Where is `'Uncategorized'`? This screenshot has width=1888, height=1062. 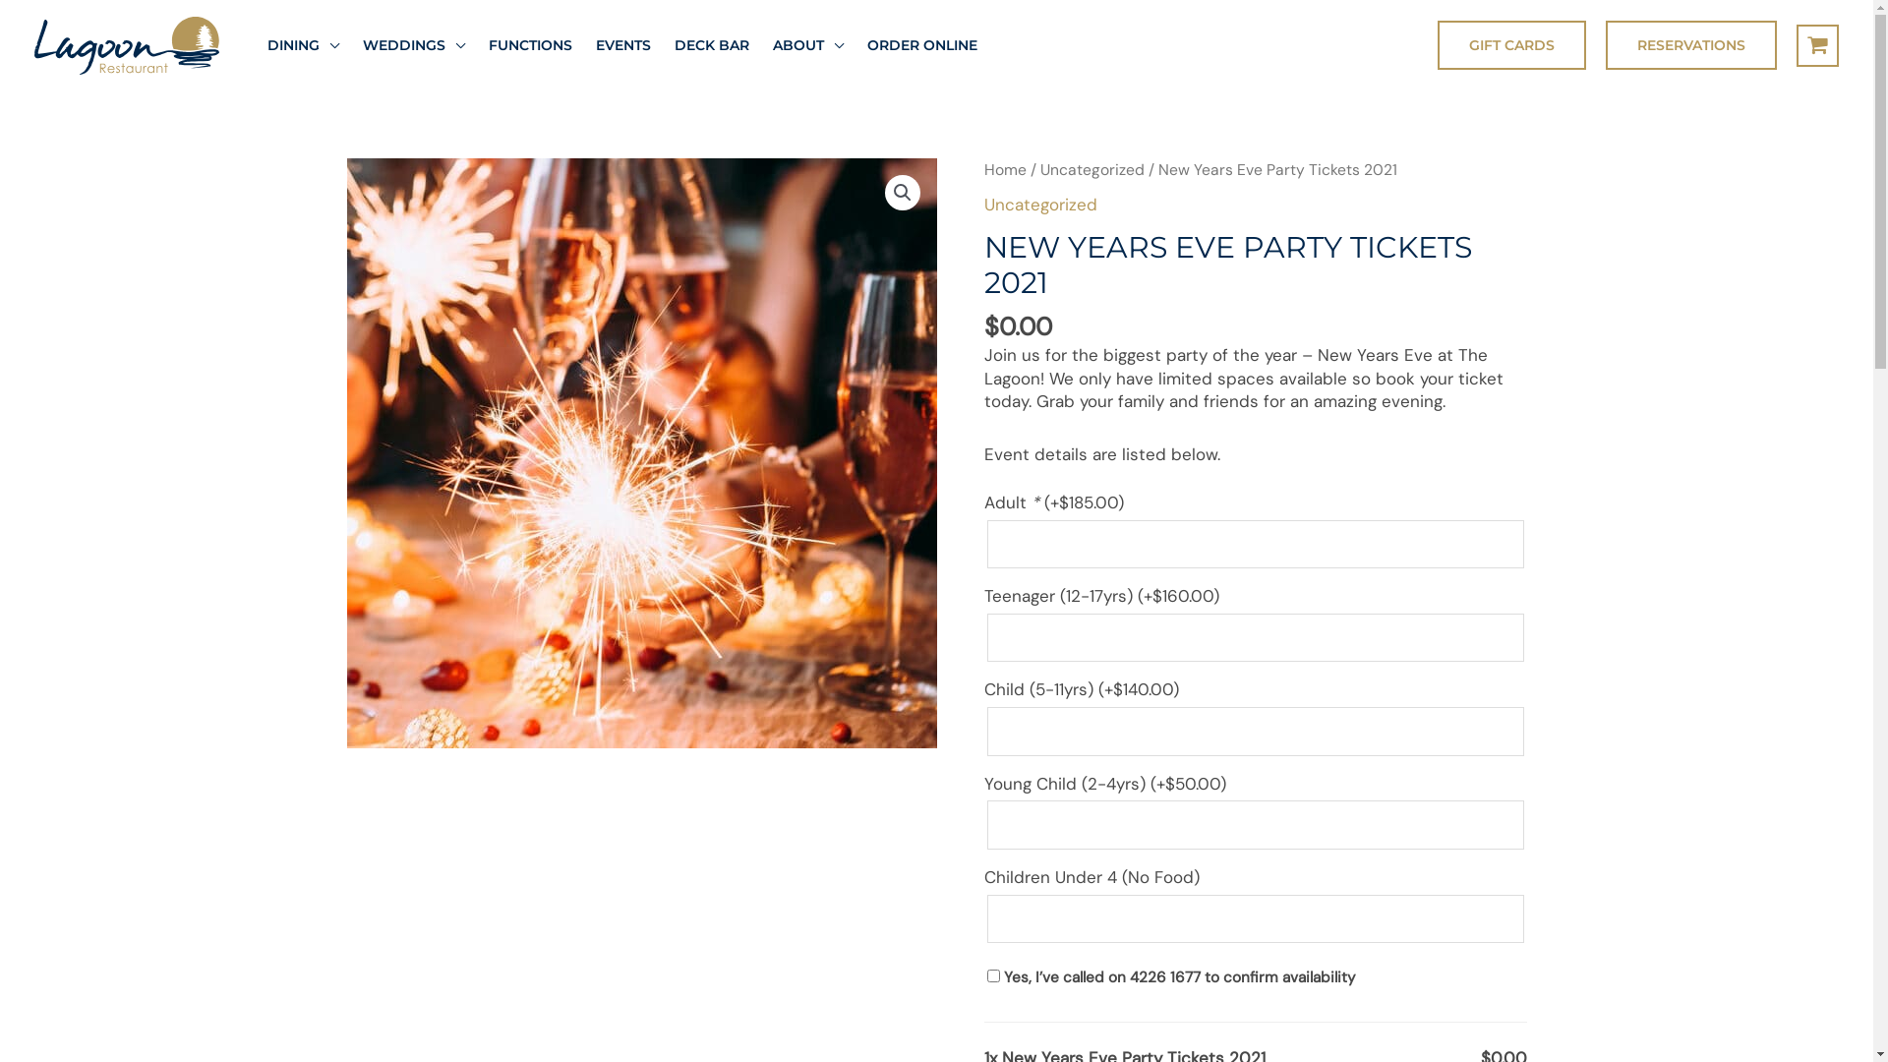 'Uncategorized' is located at coordinates (1091, 168).